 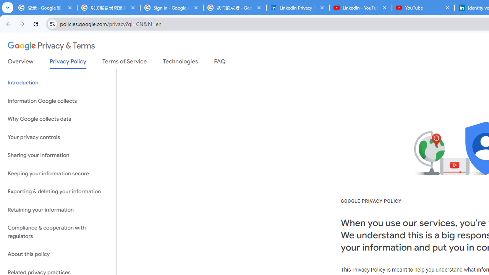 I want to click on 'Compliance & cooperation with regulators', so click(x=58, y=232).